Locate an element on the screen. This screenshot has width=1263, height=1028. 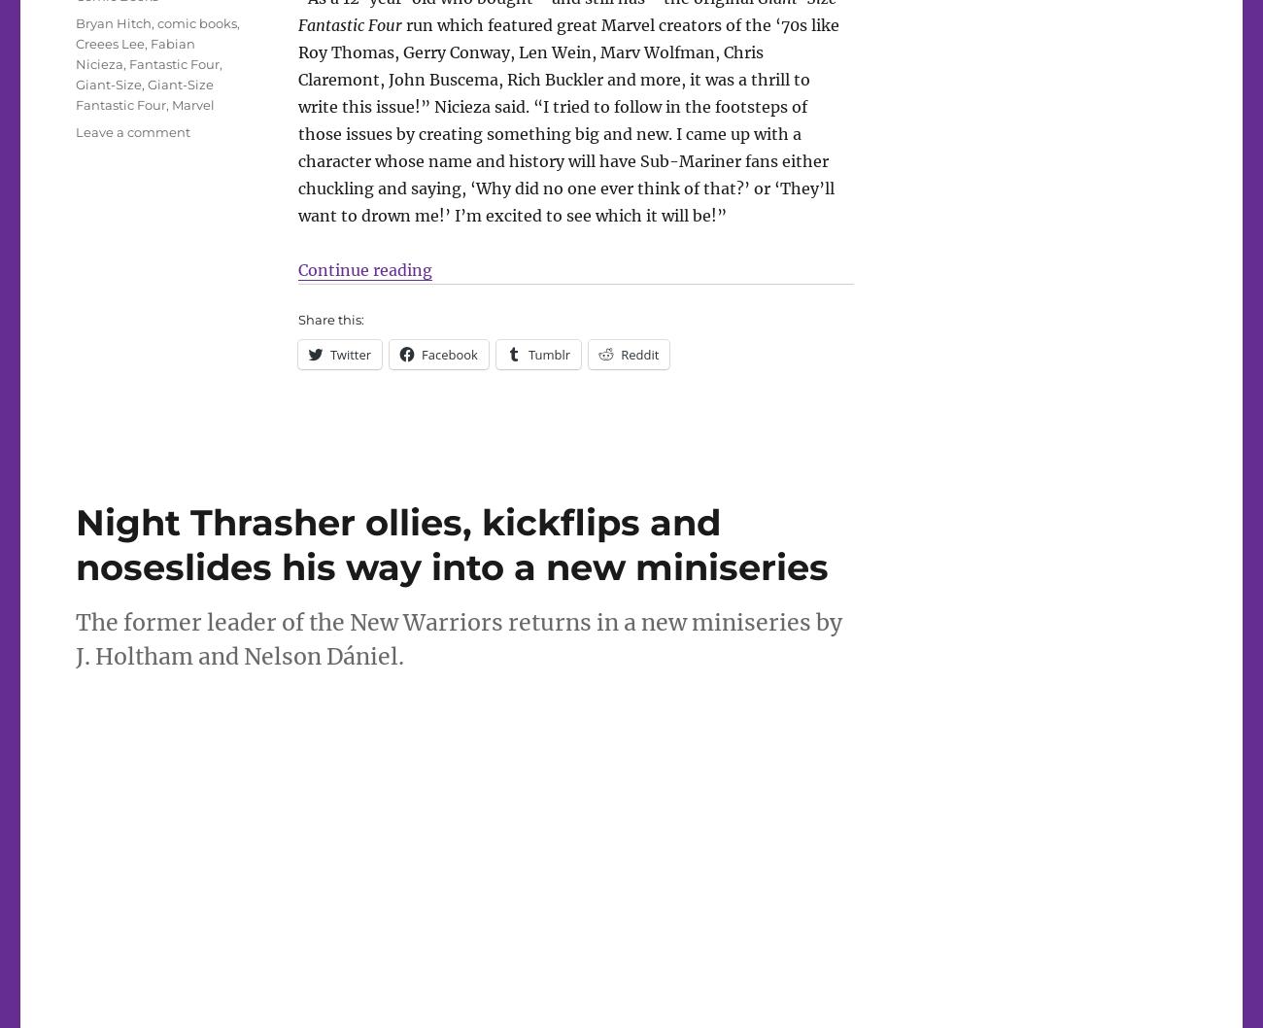
'Share this:' is located at coordinates (297, 317).